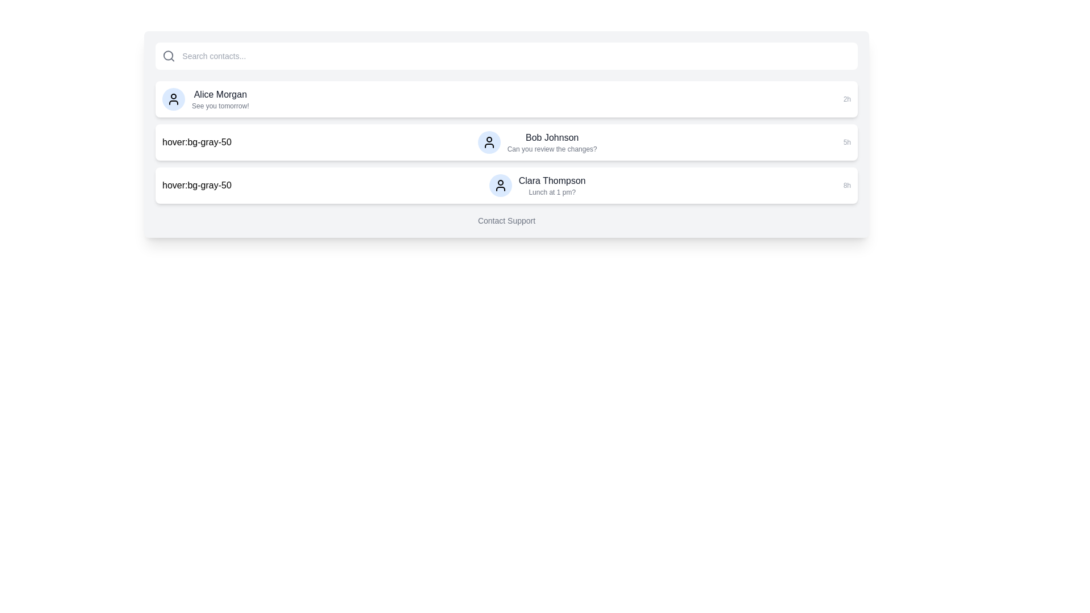  I want to click on text content displayed as 'Bob Johnson', which identifies the associated user or entity. This text is centrally located within a list entry, above the secondary text element 'Can you review the changes?', so click(552, 137).